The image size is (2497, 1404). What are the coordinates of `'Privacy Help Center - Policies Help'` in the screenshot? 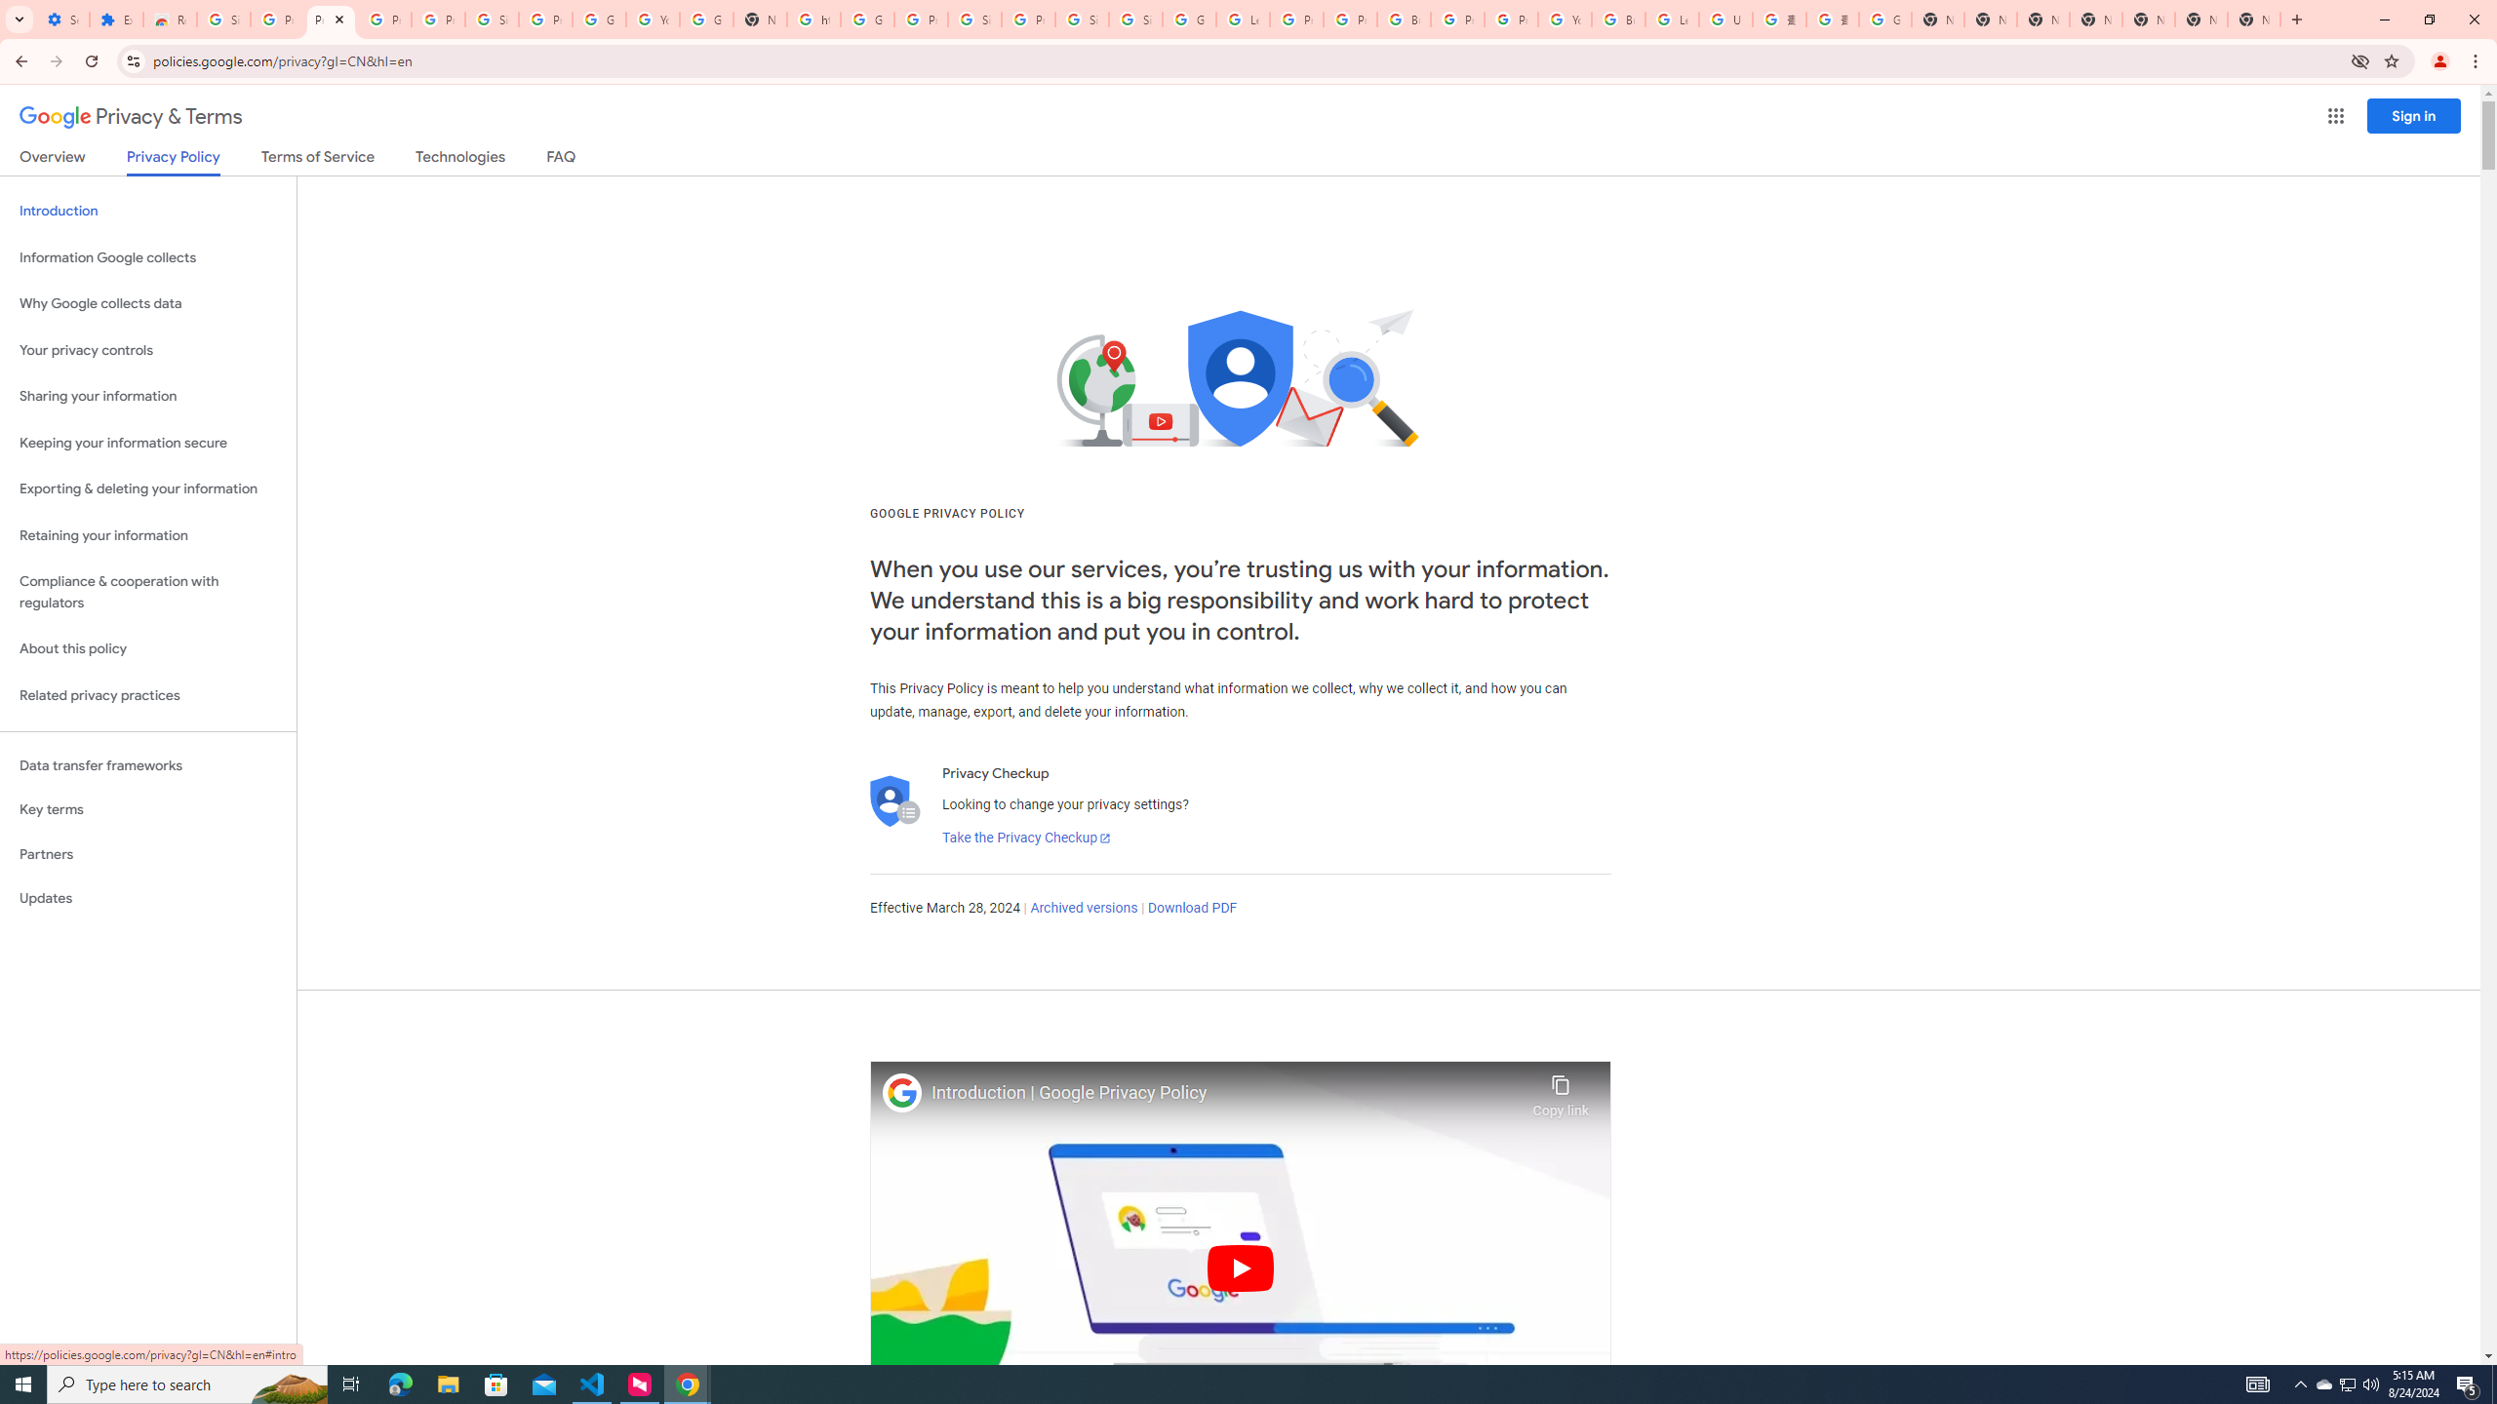 It's located at (1349, 19).